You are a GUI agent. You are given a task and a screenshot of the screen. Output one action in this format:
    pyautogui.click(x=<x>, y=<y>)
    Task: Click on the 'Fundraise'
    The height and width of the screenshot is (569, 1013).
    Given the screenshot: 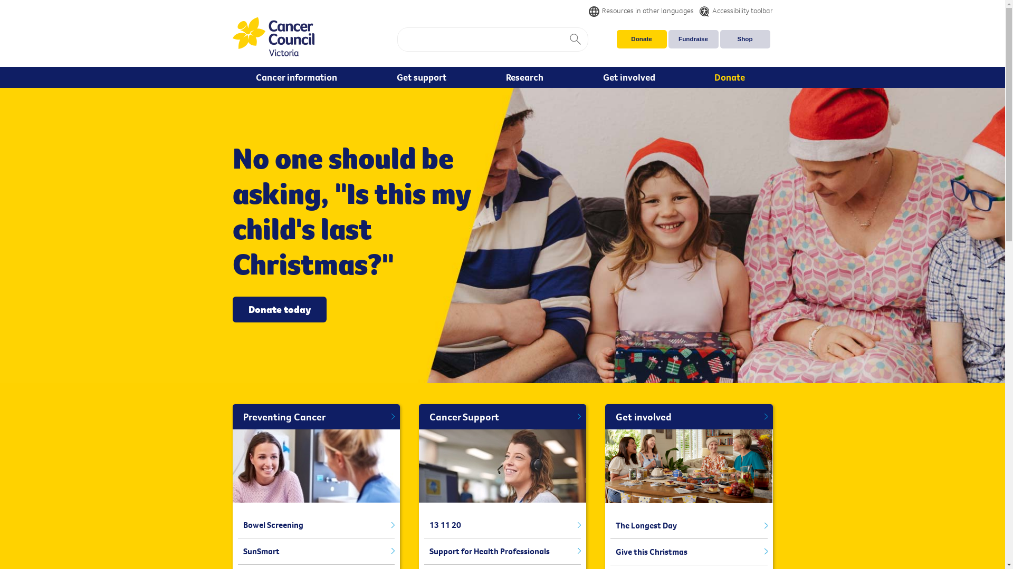 What is the action you would take?
    pyautogui.click(x=693, y=38)
    